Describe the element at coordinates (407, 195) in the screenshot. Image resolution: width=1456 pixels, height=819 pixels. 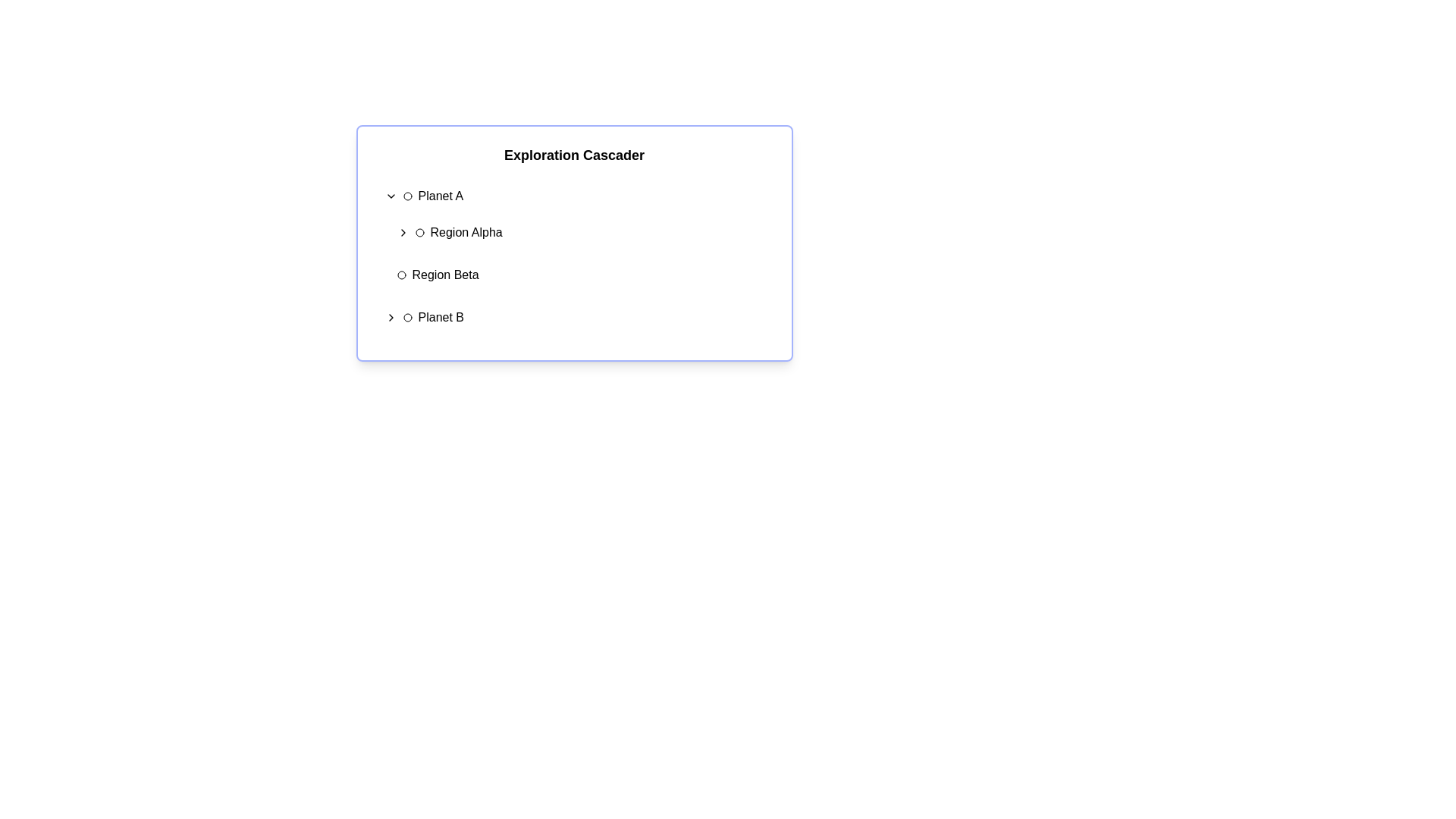
I see `the SVG circle element that visually represents a status or category in the hierarchical cascader UI for 'Planet A'` at that location.